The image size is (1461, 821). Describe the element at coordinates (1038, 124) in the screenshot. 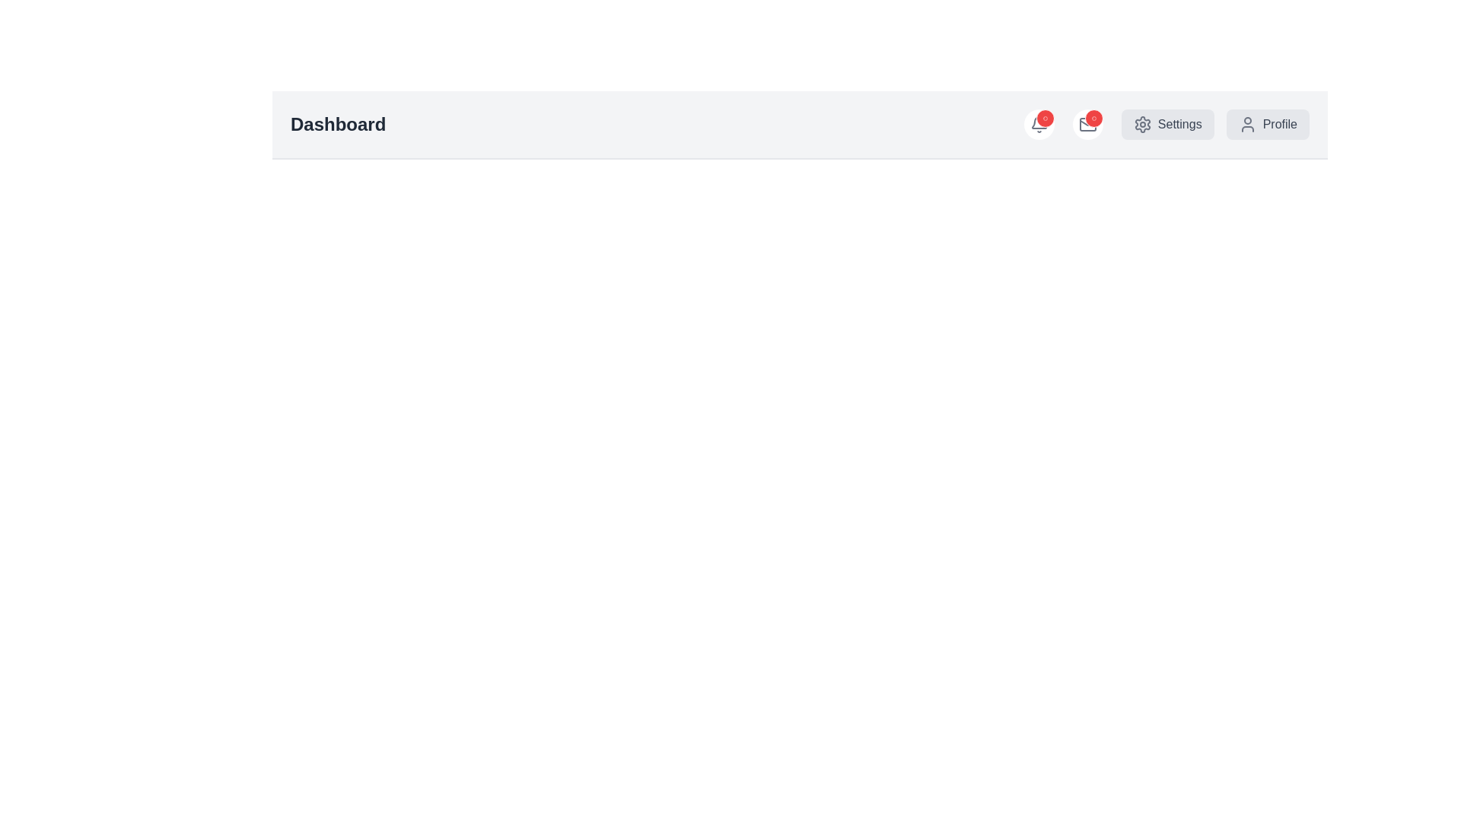

I see `the notification bell icon with a red badge displaying the number '3'` at that location.